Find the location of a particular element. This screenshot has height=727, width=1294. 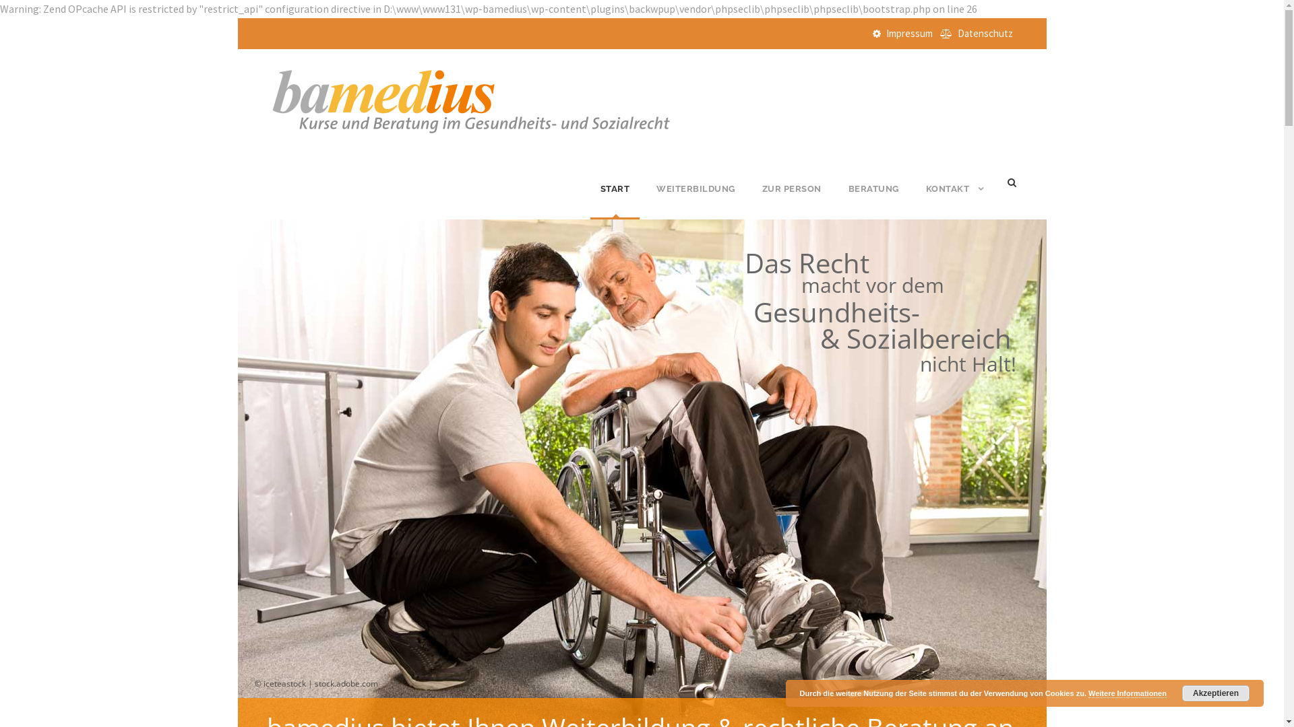

'ZUR PERSON' is located at coordinates (761, 200).